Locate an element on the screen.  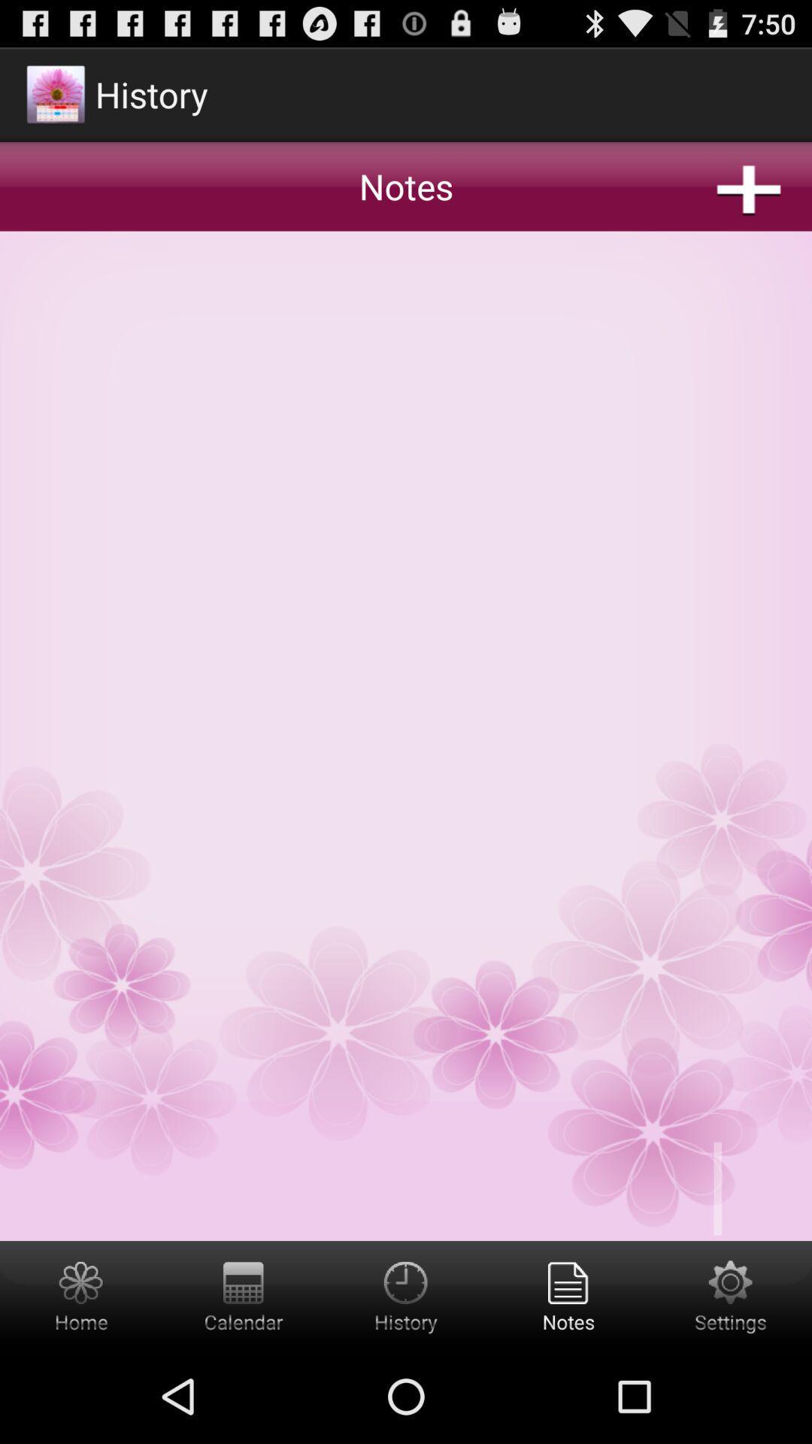
notes is located at coordinates (406, 642).